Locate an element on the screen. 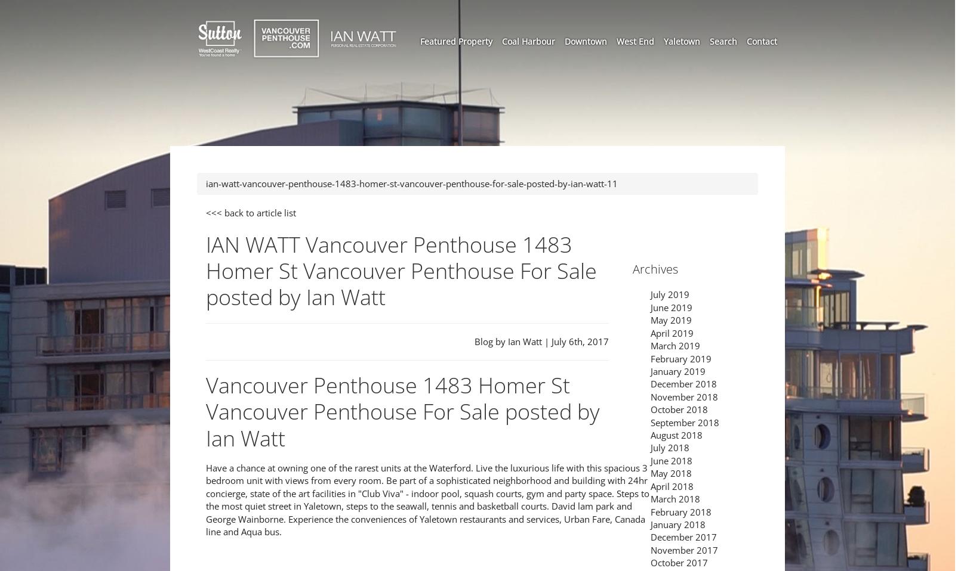 The image size is (964, 571). 'June 2019' is located at coordinates (672, 306).